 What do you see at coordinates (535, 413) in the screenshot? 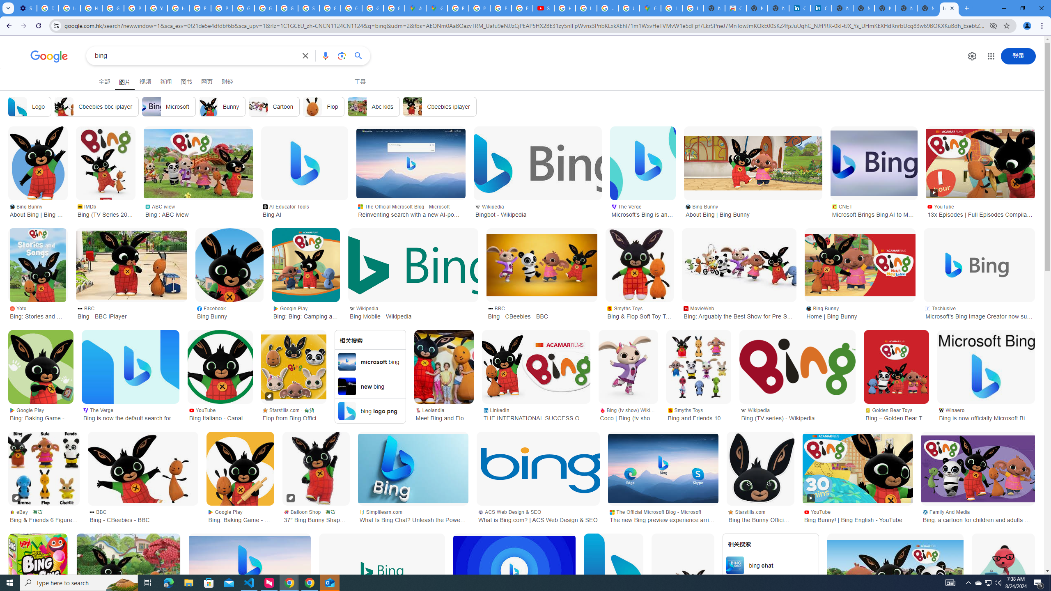
I see `'LinkedIn THE INTERNATIONAL SUCCESS OF BING'` at bounding box center [535, 413].